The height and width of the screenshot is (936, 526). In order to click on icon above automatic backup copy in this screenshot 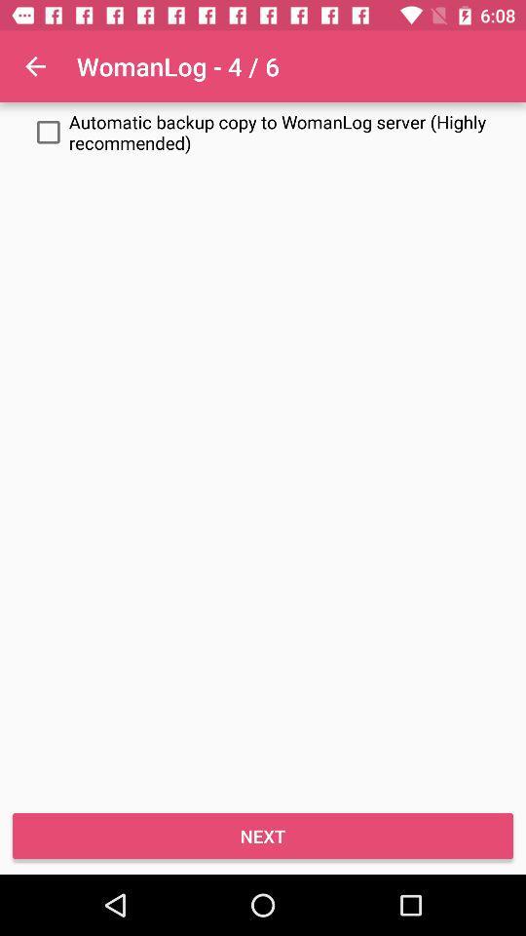, I will do `click(35, 66)`.